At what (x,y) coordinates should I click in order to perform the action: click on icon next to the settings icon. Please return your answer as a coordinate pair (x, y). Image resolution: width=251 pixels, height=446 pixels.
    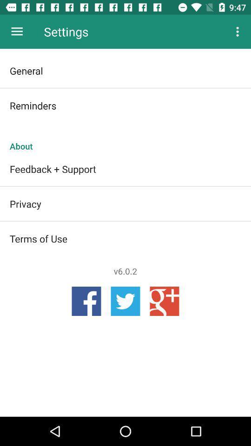
    Looking at the image, I should click on (17, 32).